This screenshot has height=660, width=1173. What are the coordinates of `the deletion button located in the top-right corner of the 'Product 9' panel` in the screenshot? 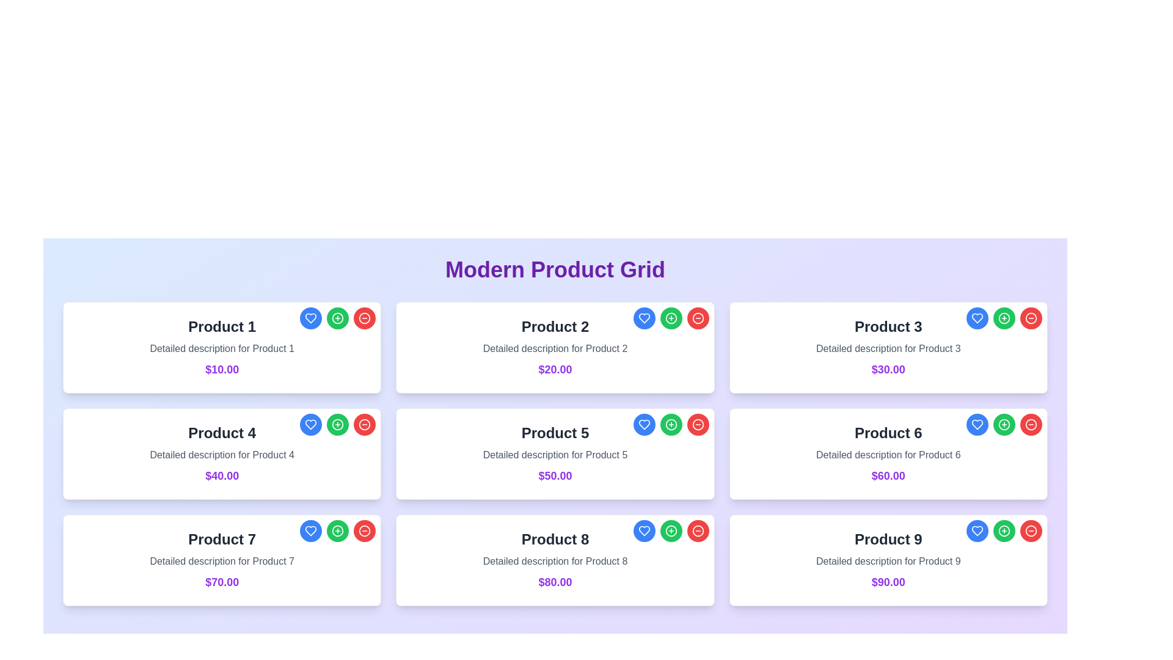 It's located at (1031, 530).